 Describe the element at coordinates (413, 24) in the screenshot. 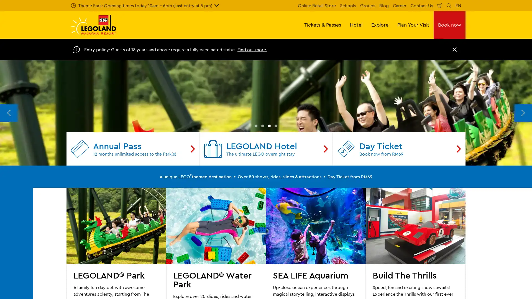

I see `Plan Your Visit` at that location.